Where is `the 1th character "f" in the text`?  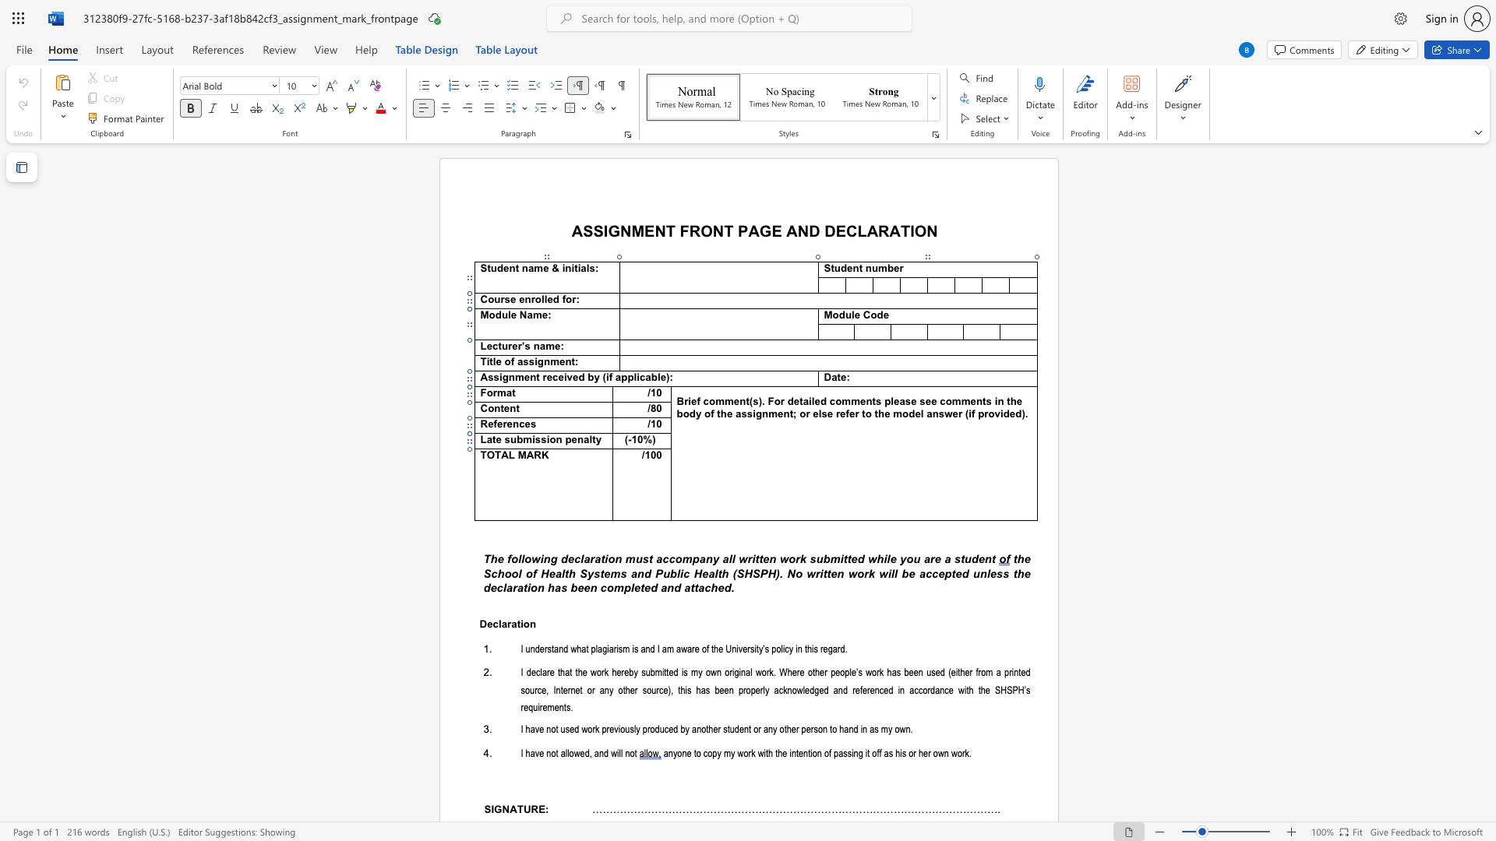 the 1th character "f" in the text is located at coordinates (509, 558).